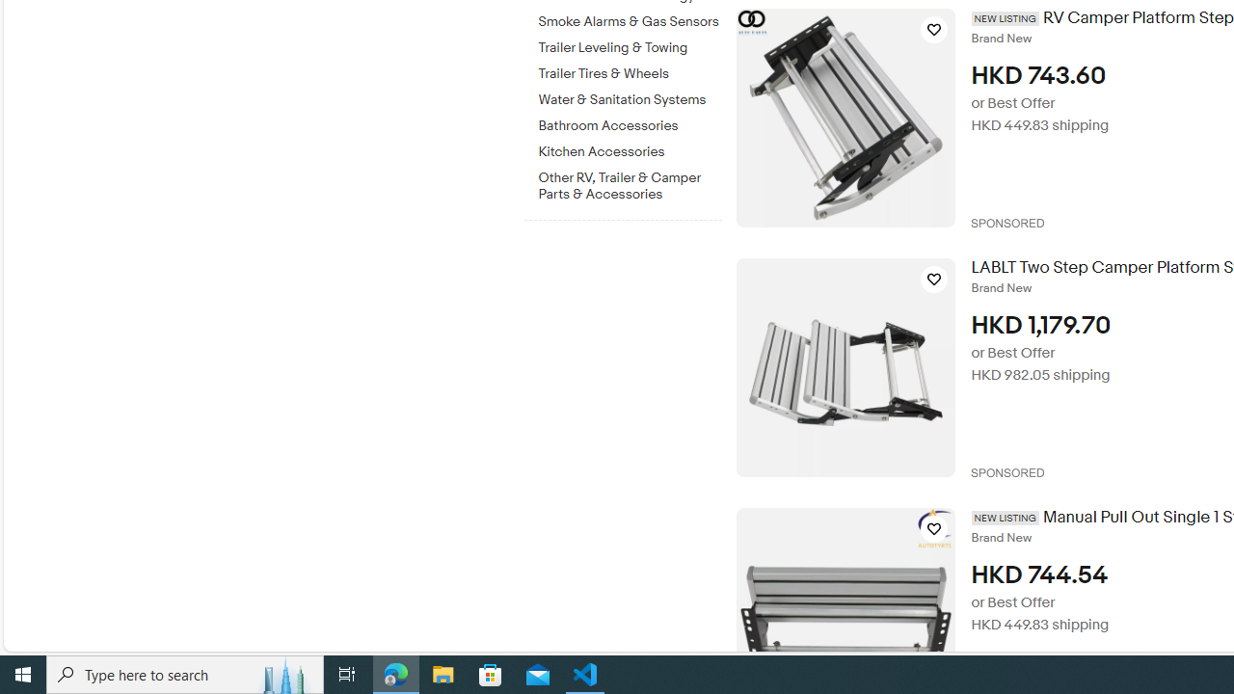 The image size is (1234, 694). What do you see at coordinates (630, 122) in the screenshot?
I see `'Bathroom Accessories'` at bounding box center [630, 122].